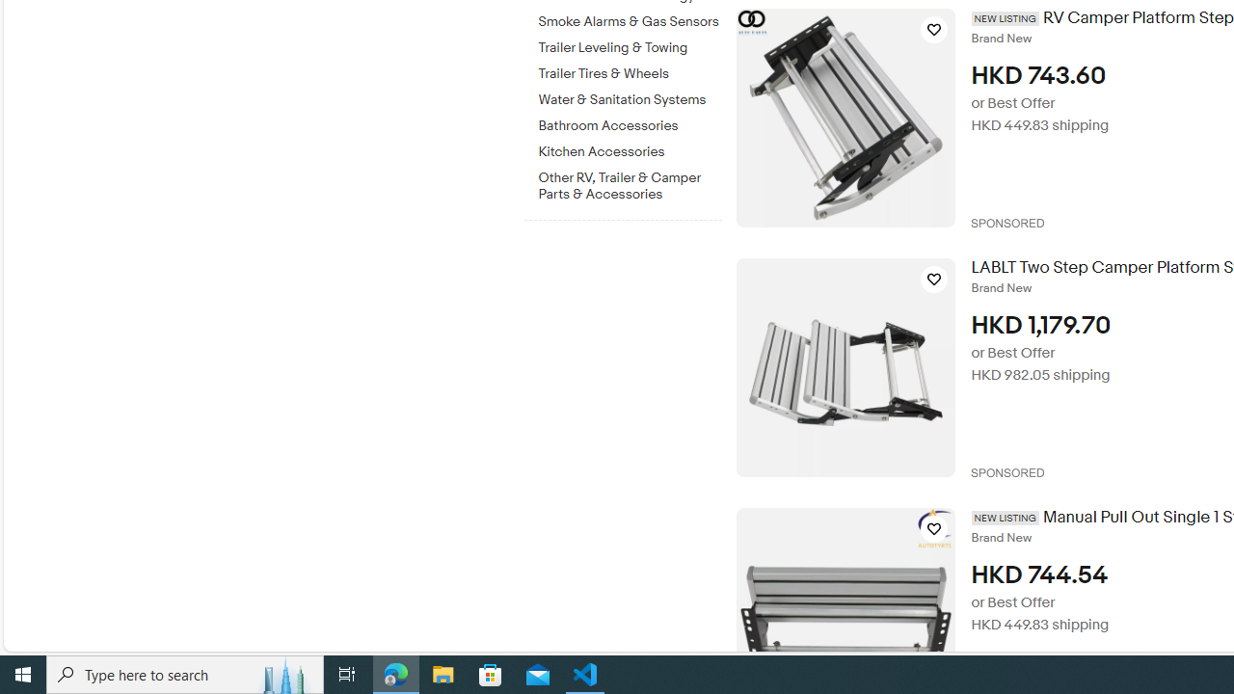 The image size is (1234, 694). What do you see at coordinates (630, 122) in the screenshot?
I see `'Bathroom Accessories'` at bounding box center [630, 122].